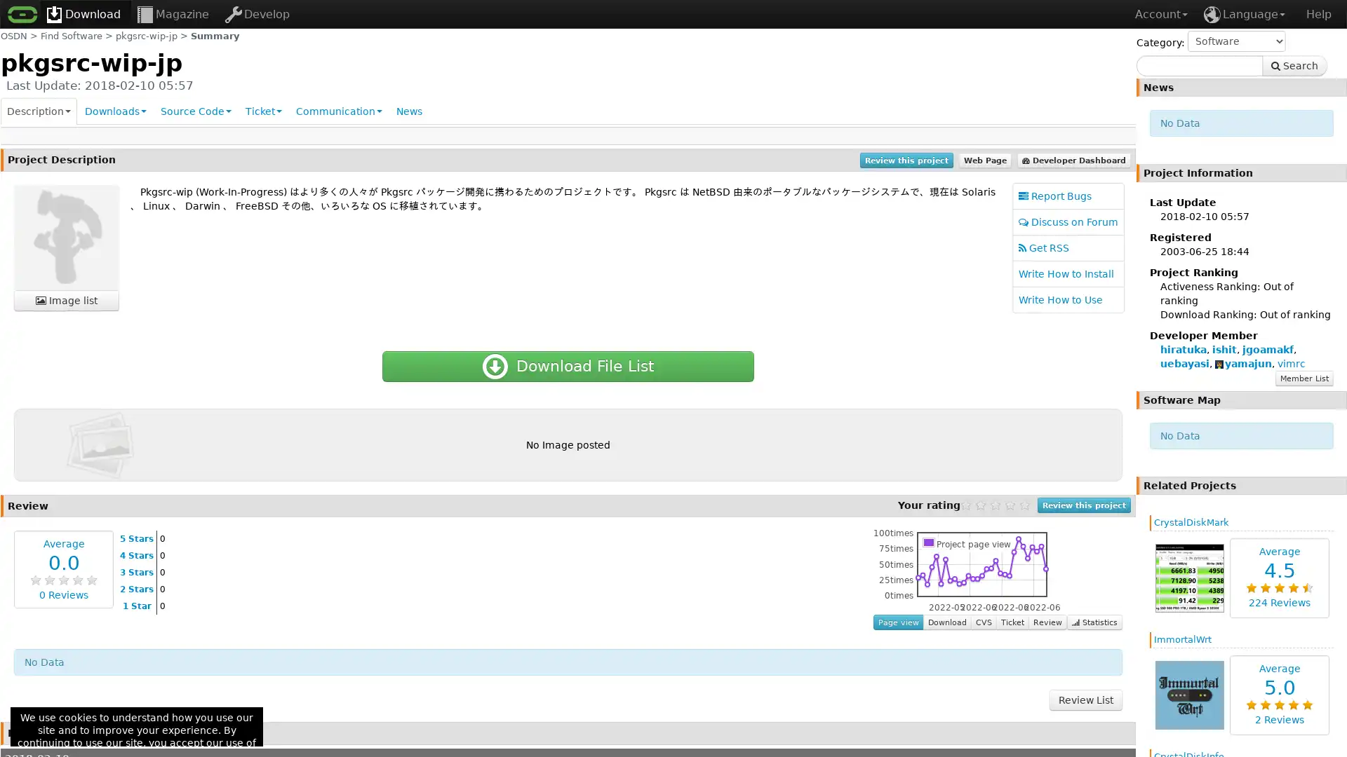 The width and height of the screenshot is (1347, 757). I want to click on Developer Dashboard, so click(1073, 159).